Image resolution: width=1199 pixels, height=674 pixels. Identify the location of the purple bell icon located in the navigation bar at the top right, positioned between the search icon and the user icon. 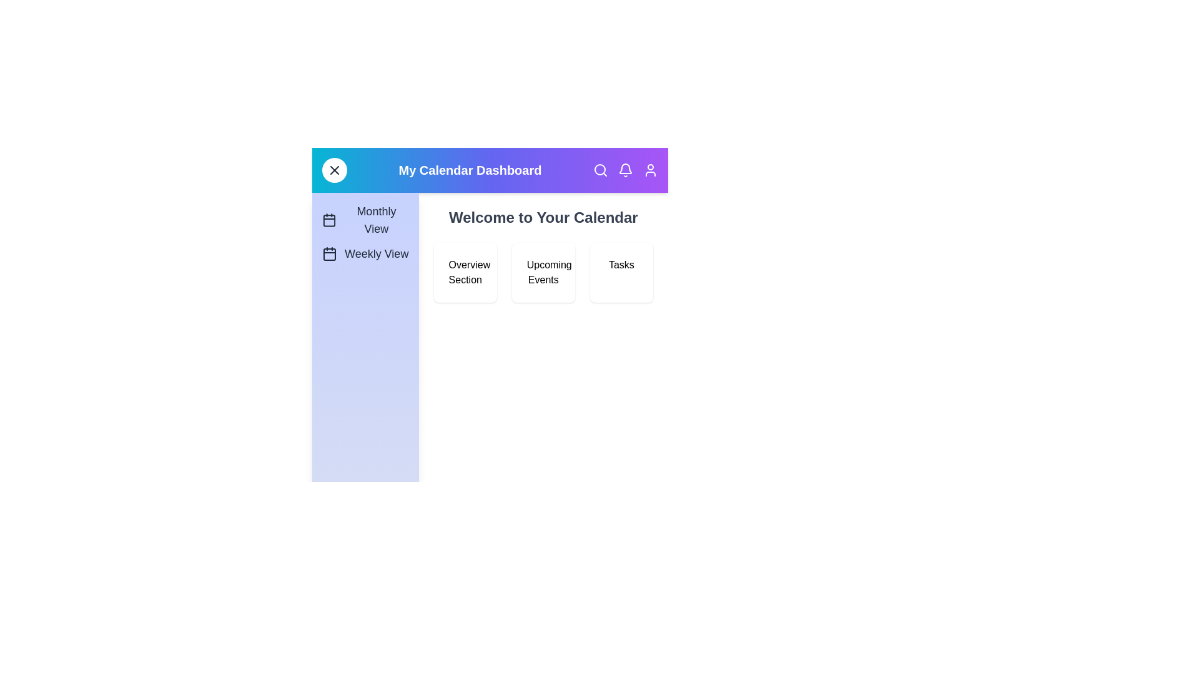
(626, 170).